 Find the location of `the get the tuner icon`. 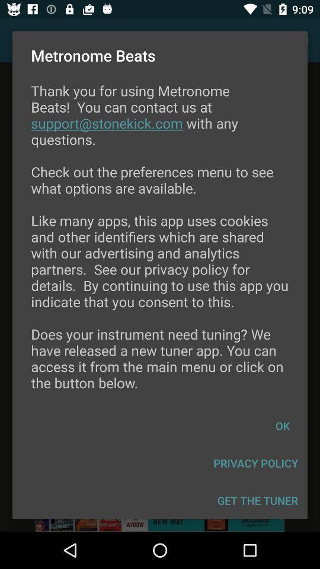

the get the tuner icon is located at coordinates (257, 500).